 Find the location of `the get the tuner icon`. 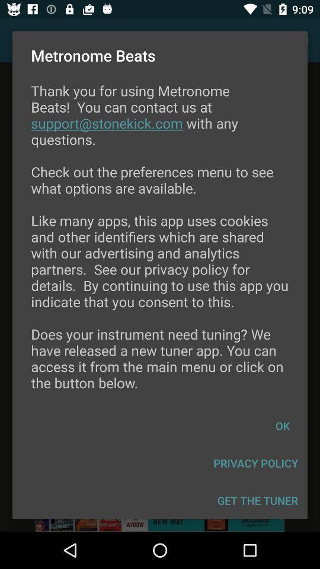

the get the tuner icon is located at coordinates (257, 500).